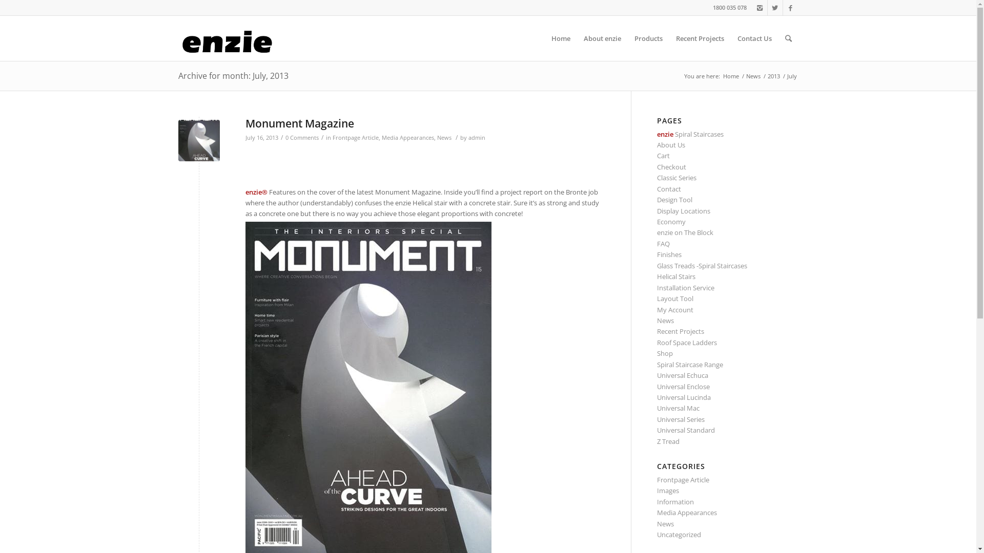 The image size is (984, 553). I want to click on 'Twitter', so click(775, 8).